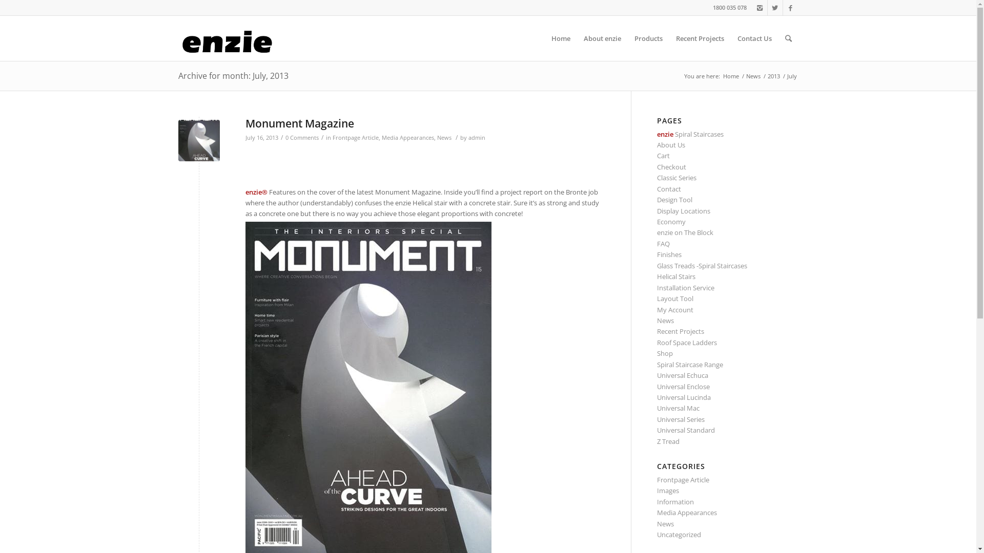 The image size is (984, 553). I want to click on 'Twitter', so click(775, 8).